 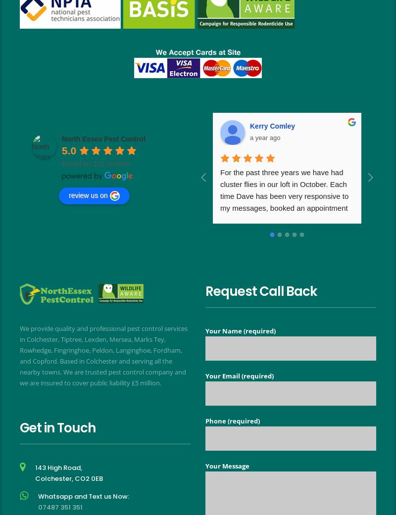 What do you see at coordinates (103, 354) in the screenshot?
I see `'We provide quality and professional pest control services in Colchester, Tiptree, Lexden, Mersea, Marks Tey, Rowhedge, Fingringhoe, Peldon, Langinghoe, Fordham, and Copford. Based in Colchester and serving all the nearby towns. We are trusted pest control company and we are insured to cover public liability £5 million.'` at bounding box center [103, 354].